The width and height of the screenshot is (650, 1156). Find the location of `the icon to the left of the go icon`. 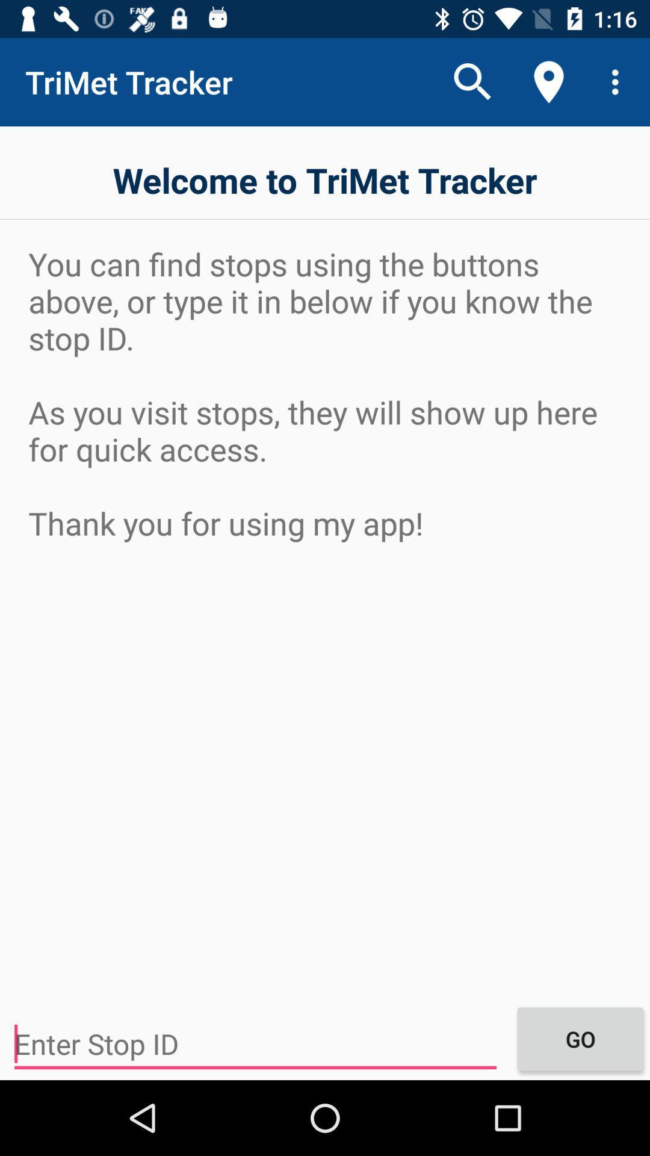

the icon to the left of the go icon is located at coordinates (255, 1043).